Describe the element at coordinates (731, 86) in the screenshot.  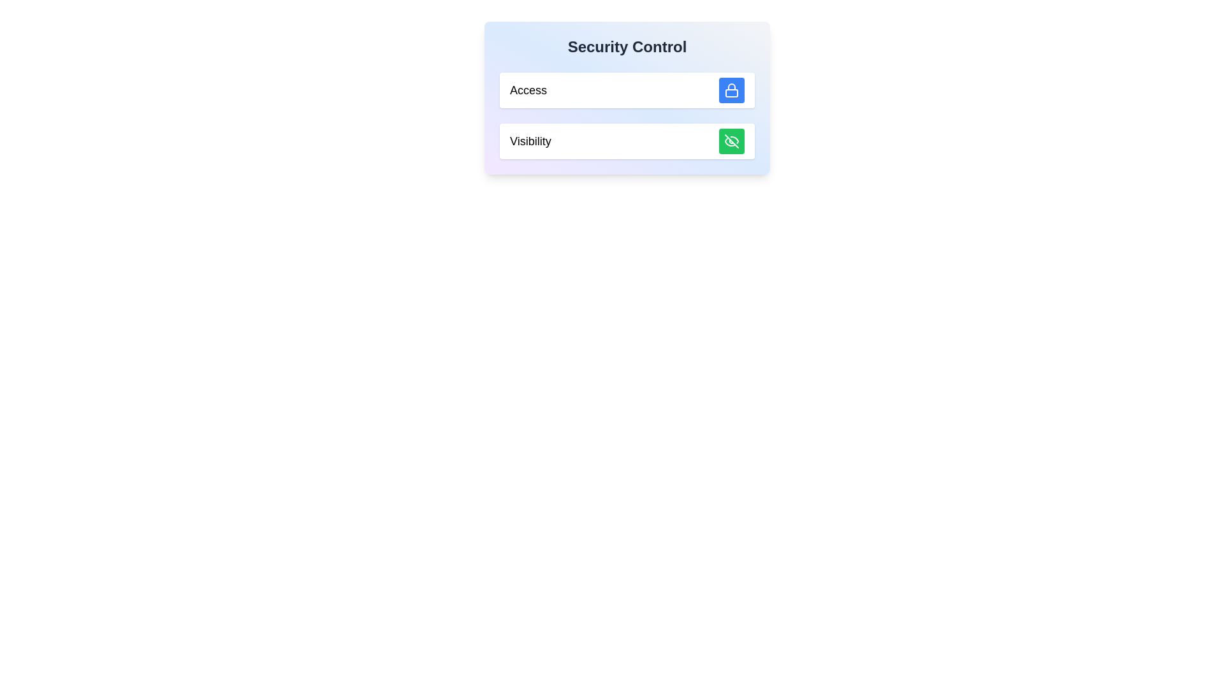
I see `the handle of the lock icon located to the right of the 'Access' label in the security control box` at that location.